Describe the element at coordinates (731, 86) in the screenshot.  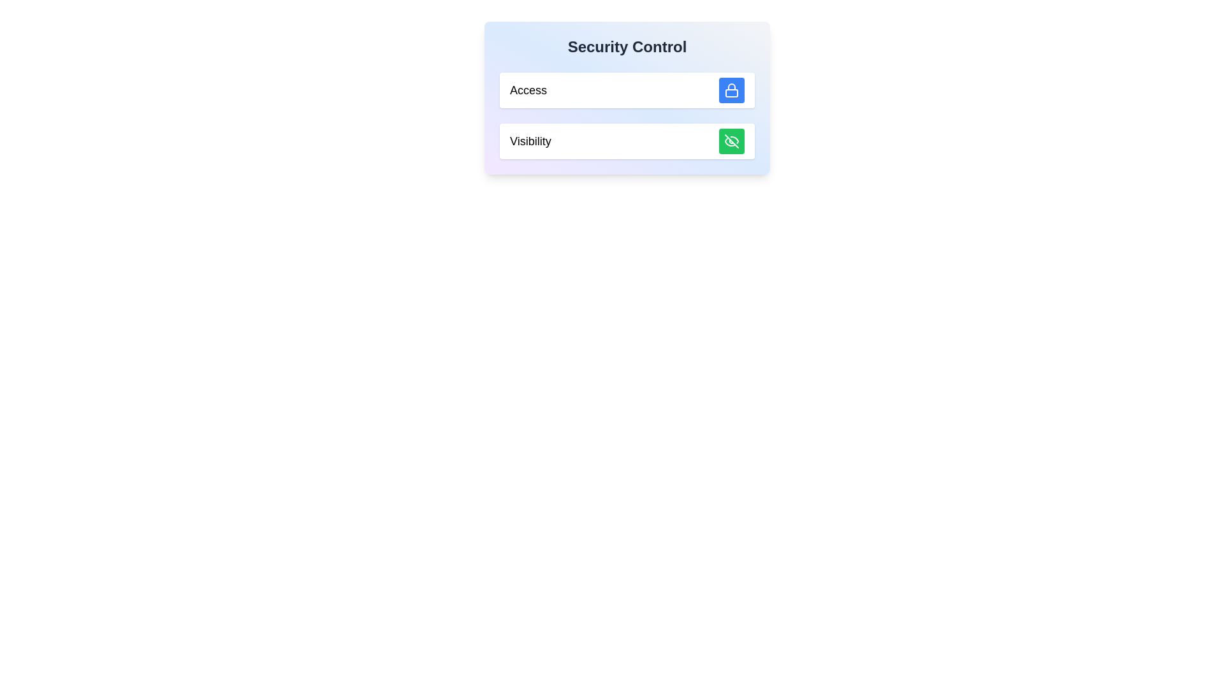
I see `the handle of the lock icon located to the right of the 'Access' label in the security control box` at that location.